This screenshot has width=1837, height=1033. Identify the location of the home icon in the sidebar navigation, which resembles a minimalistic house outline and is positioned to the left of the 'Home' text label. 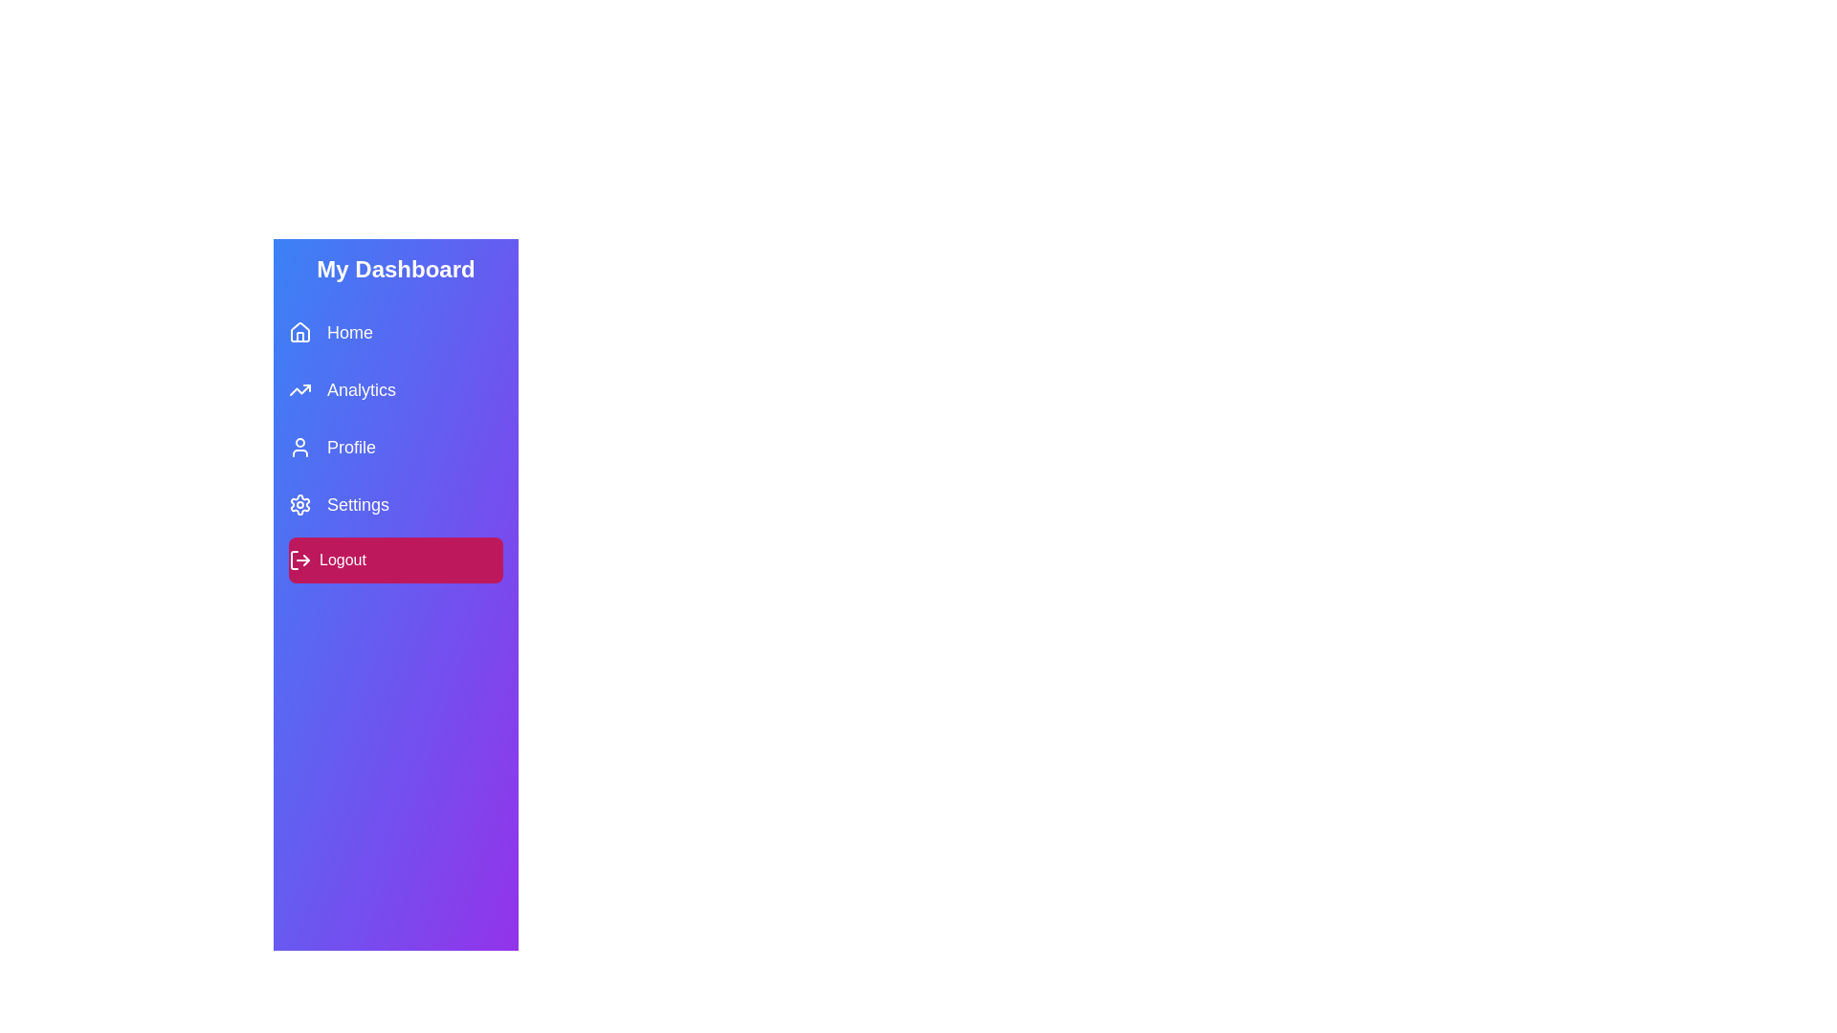
(299, 331).